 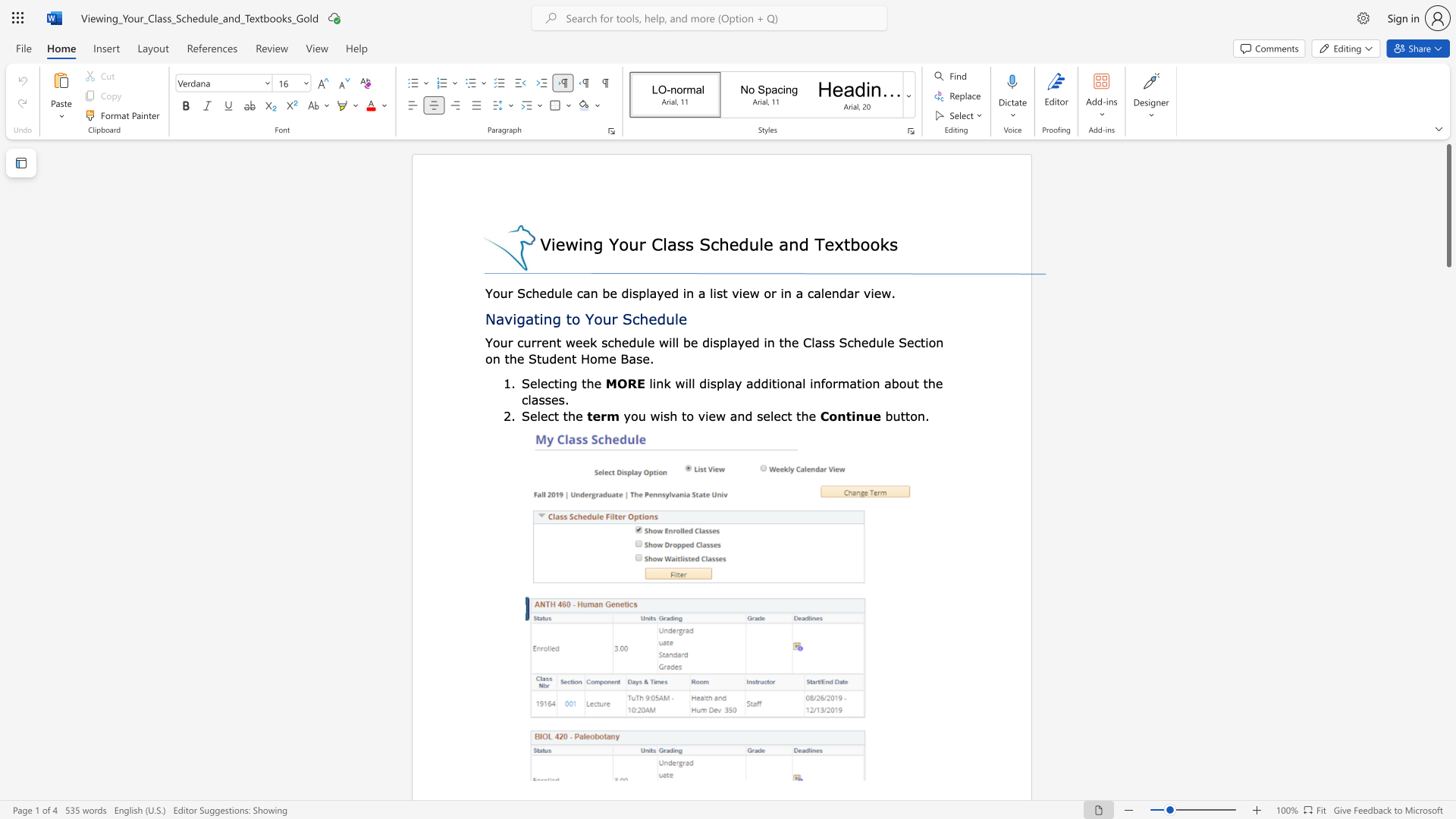 What do you see at coordinates (1448, 295) in the screenshot?
I see `the scrollbar to scroll the page down` at bounding box center [1448, 295].